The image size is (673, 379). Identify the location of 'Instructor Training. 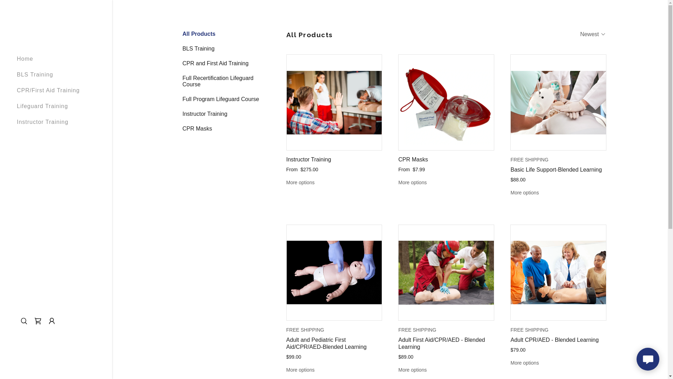
(333, 120).